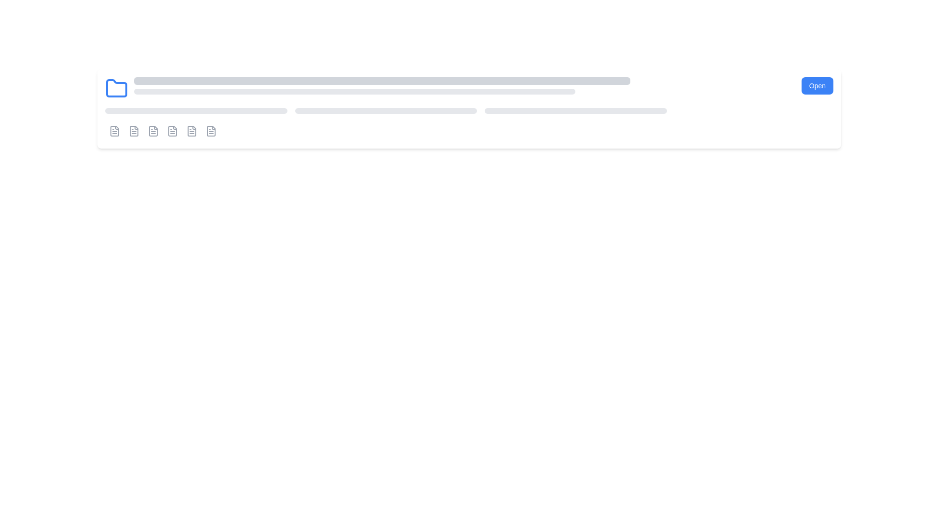 The image size is (926, 521). What do you see at coordinates (817, 85) in the screenshot?
I see `the blue rectangular button labeled 'Open' with rounded corners` at bounding box center [817, 85].